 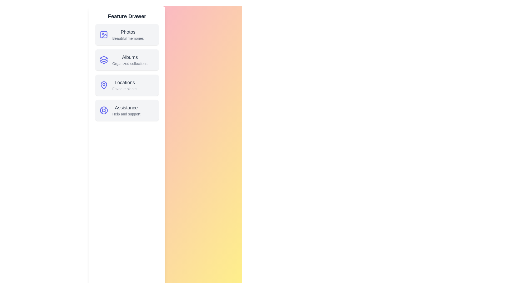 What do you see at coordinates (127, 34) in the screenshot?
I see `the feature item Photos from the StylishDrawer` at bounding box center [127, 34].